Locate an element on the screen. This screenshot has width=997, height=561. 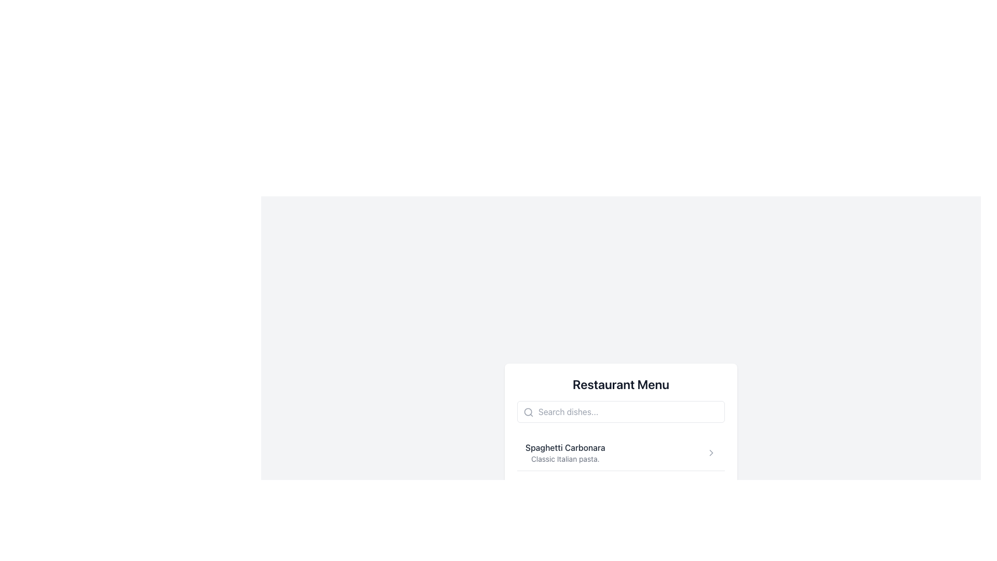
descriptive text label providing additional information about the dish 'Spaghetti Carbonara', positioned directly below the title in the restaurant menu layout is located at coordinates (564, 458).